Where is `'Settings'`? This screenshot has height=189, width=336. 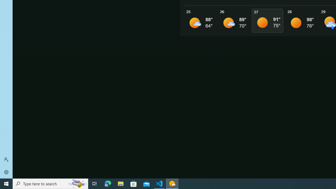
'Settings' is located at coordinates (6, 172).